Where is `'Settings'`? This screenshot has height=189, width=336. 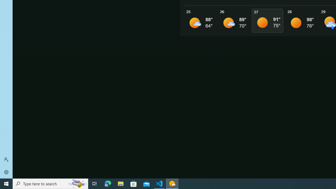
'Settings' is located at coordinates (6, 172).